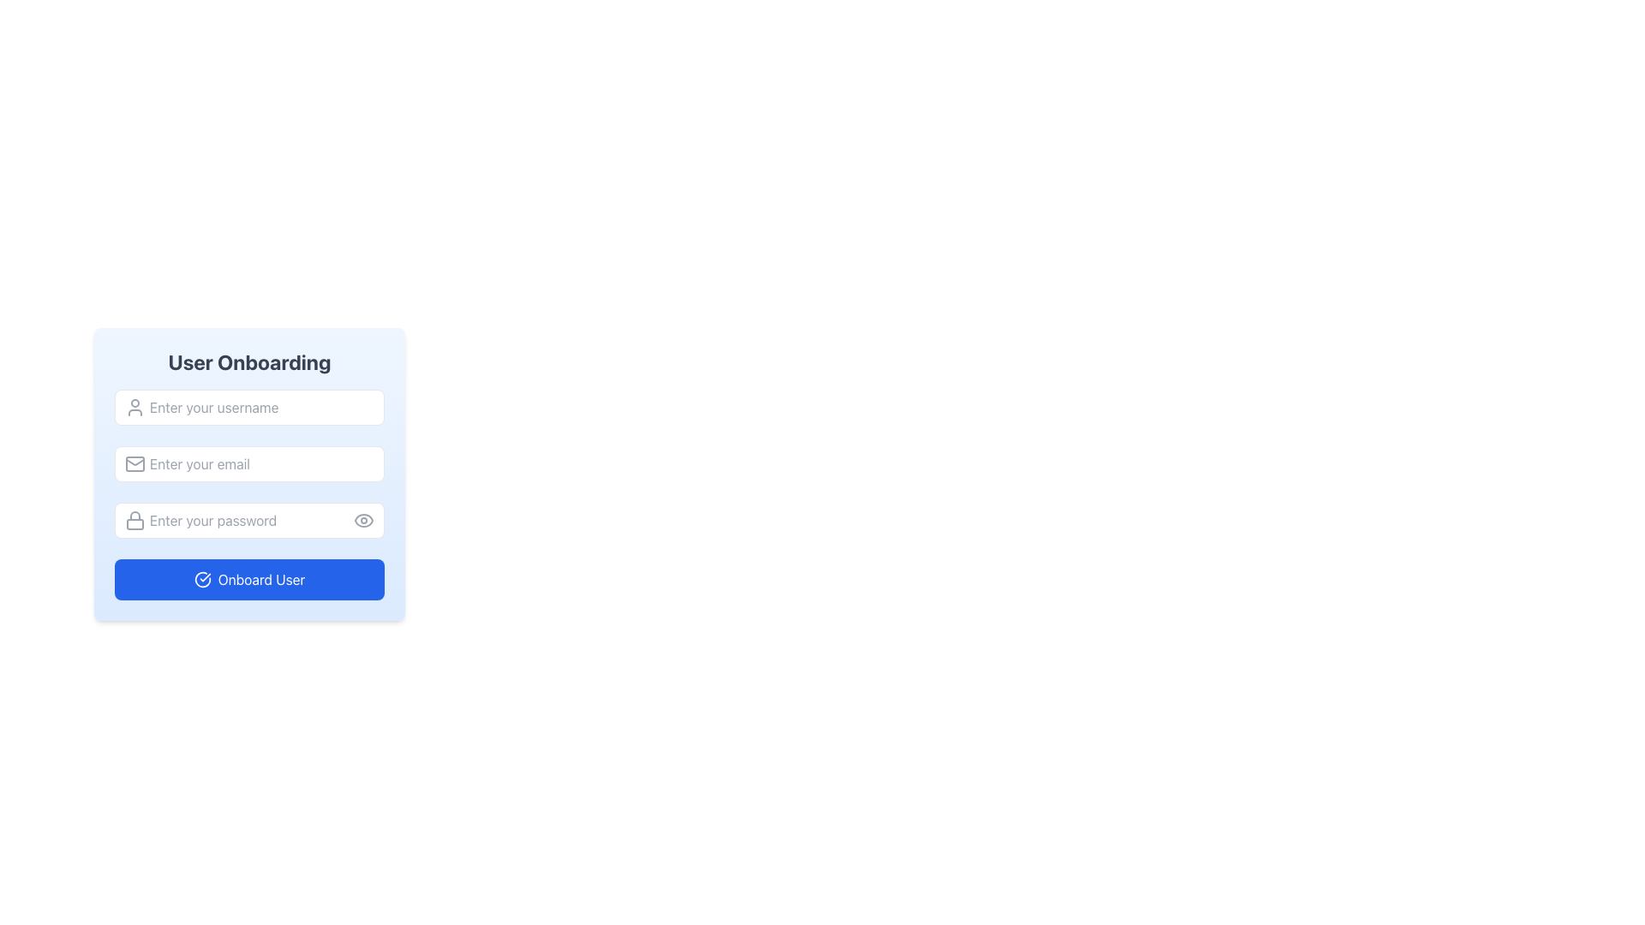  I want to click on the icon located on the left side of the 'Onboard User' button at the bottom of the user onboarding form interface, so click(202, 579).